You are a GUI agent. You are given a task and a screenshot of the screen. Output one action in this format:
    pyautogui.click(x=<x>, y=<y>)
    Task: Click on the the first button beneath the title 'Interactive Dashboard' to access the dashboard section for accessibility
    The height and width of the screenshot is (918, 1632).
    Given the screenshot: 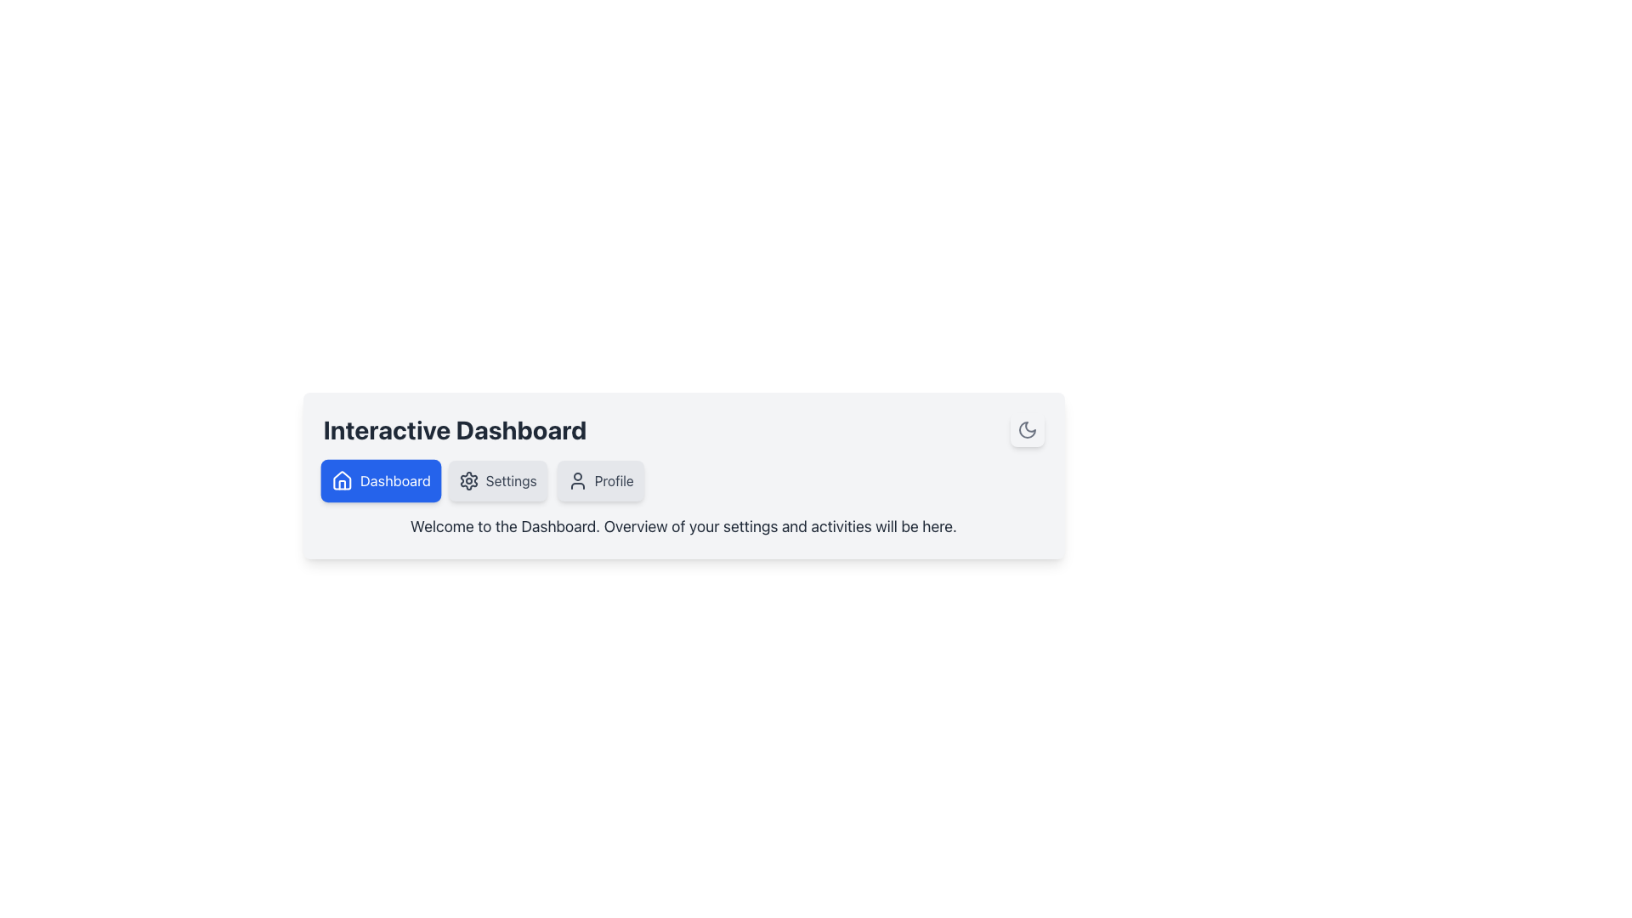 What is the action you would take?
    pyautogui.click(x=380, y=481)
    